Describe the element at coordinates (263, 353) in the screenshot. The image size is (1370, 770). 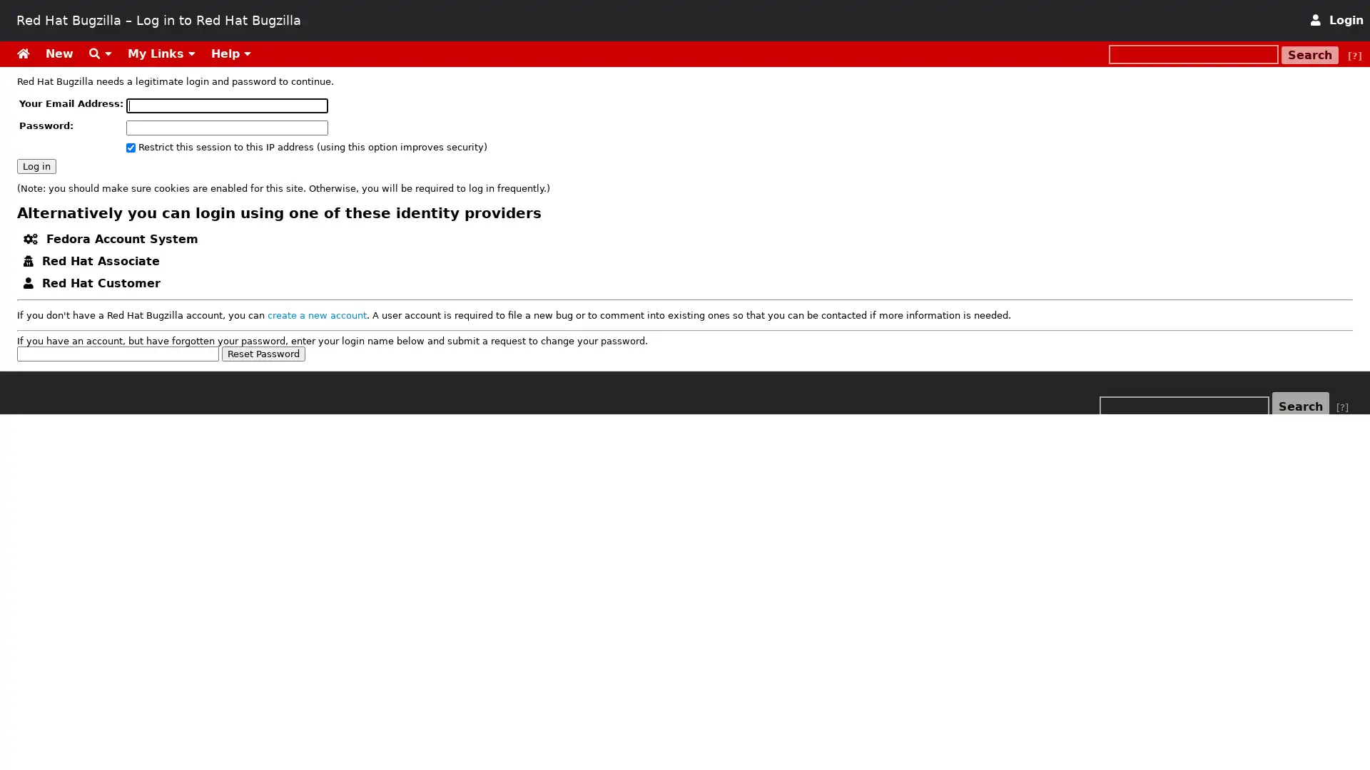
I see `Reset Password` at that location.